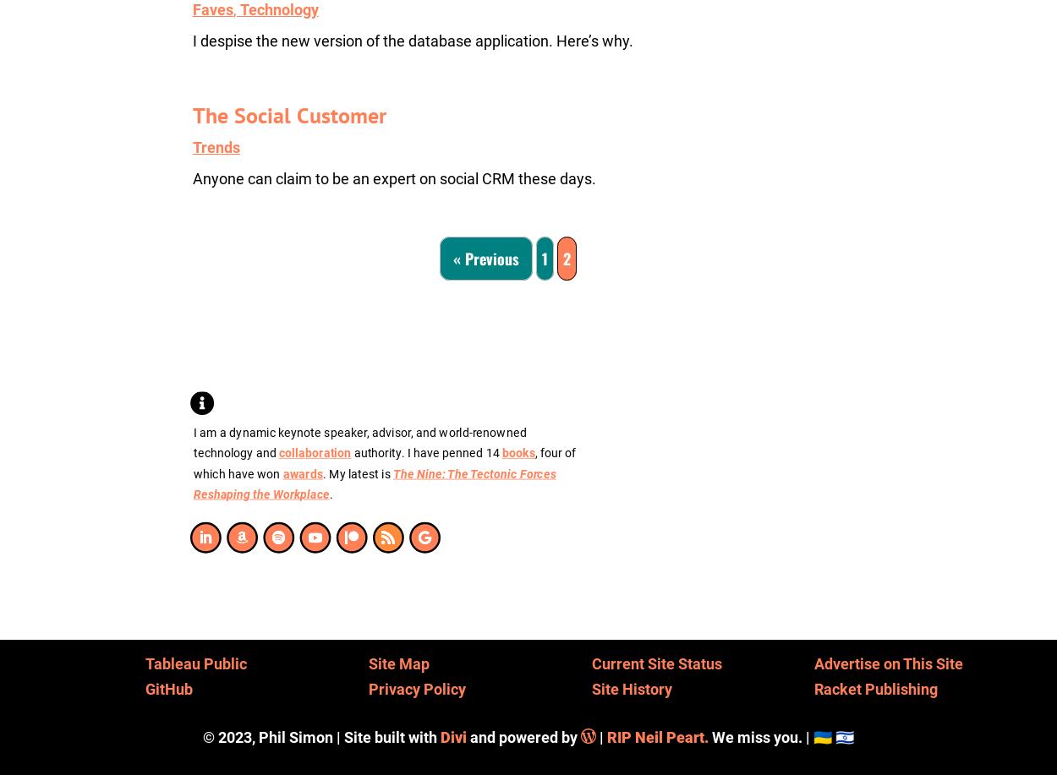 This screenshot has width=1057, height=775. I want to click on 'We miss you. | 🇺🇦 🇮🇱', so click(781, 735).